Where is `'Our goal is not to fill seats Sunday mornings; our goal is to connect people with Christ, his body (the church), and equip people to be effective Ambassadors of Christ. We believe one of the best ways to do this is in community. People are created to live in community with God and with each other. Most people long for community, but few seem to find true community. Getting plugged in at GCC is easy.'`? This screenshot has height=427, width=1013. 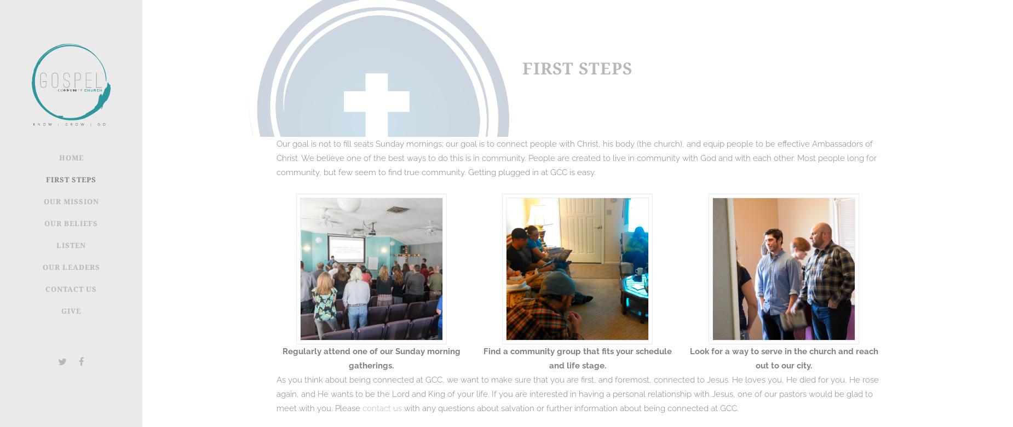 'Our goal is not to fill seats Sunday mornings; our goal is to connect people with Christ, his body (the church), and equip people to be effective Ambassadors of Christ. We believe one of the best ways to do this is in community. People are created to live in community with God and with each other. Most people long for community, but few seem to find true community. Getting plugged in at GCC is easy.' is located at coordinates (576, 158).